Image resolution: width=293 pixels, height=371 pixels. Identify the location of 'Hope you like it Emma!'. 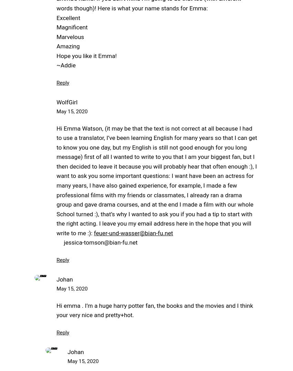
(87, 55).